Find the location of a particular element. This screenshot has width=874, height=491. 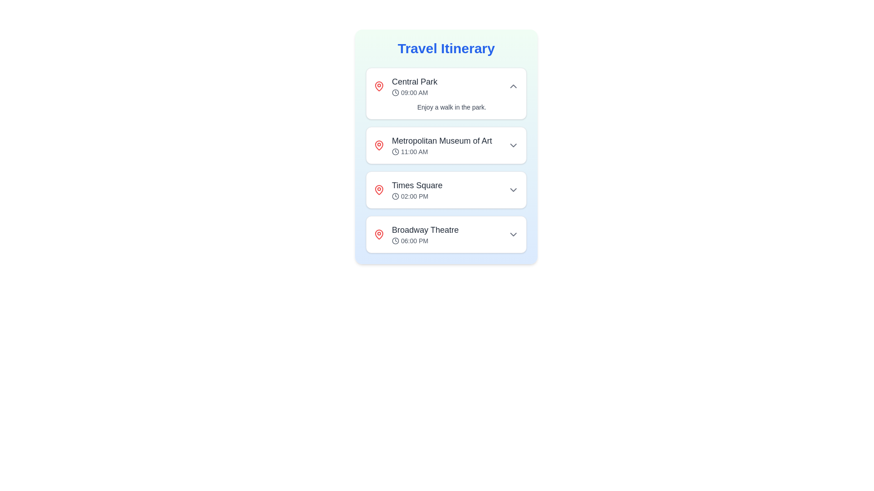

the event card for 'Broadway Theatre' at the specified coordinates to interact with the itinerary display is located at coordinates (446, 234).